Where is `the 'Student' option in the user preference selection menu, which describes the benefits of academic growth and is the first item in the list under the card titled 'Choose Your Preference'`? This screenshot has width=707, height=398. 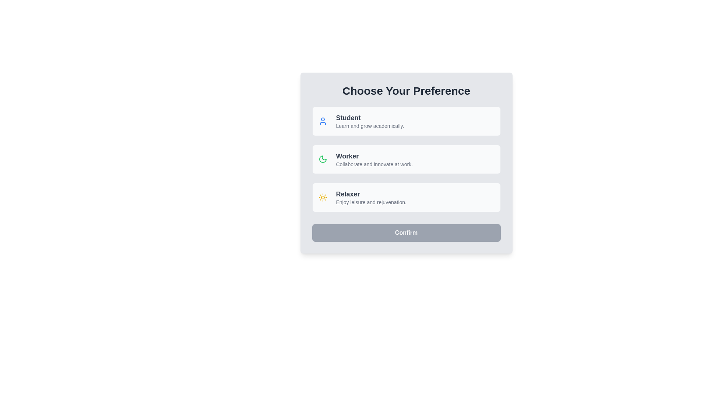 the 'Student' option in the user preference selection menu, which describes the benefits of academic growth and is the first item in the list under the card titled 'Choose Your Preference' is located at coordinates (370, 121).